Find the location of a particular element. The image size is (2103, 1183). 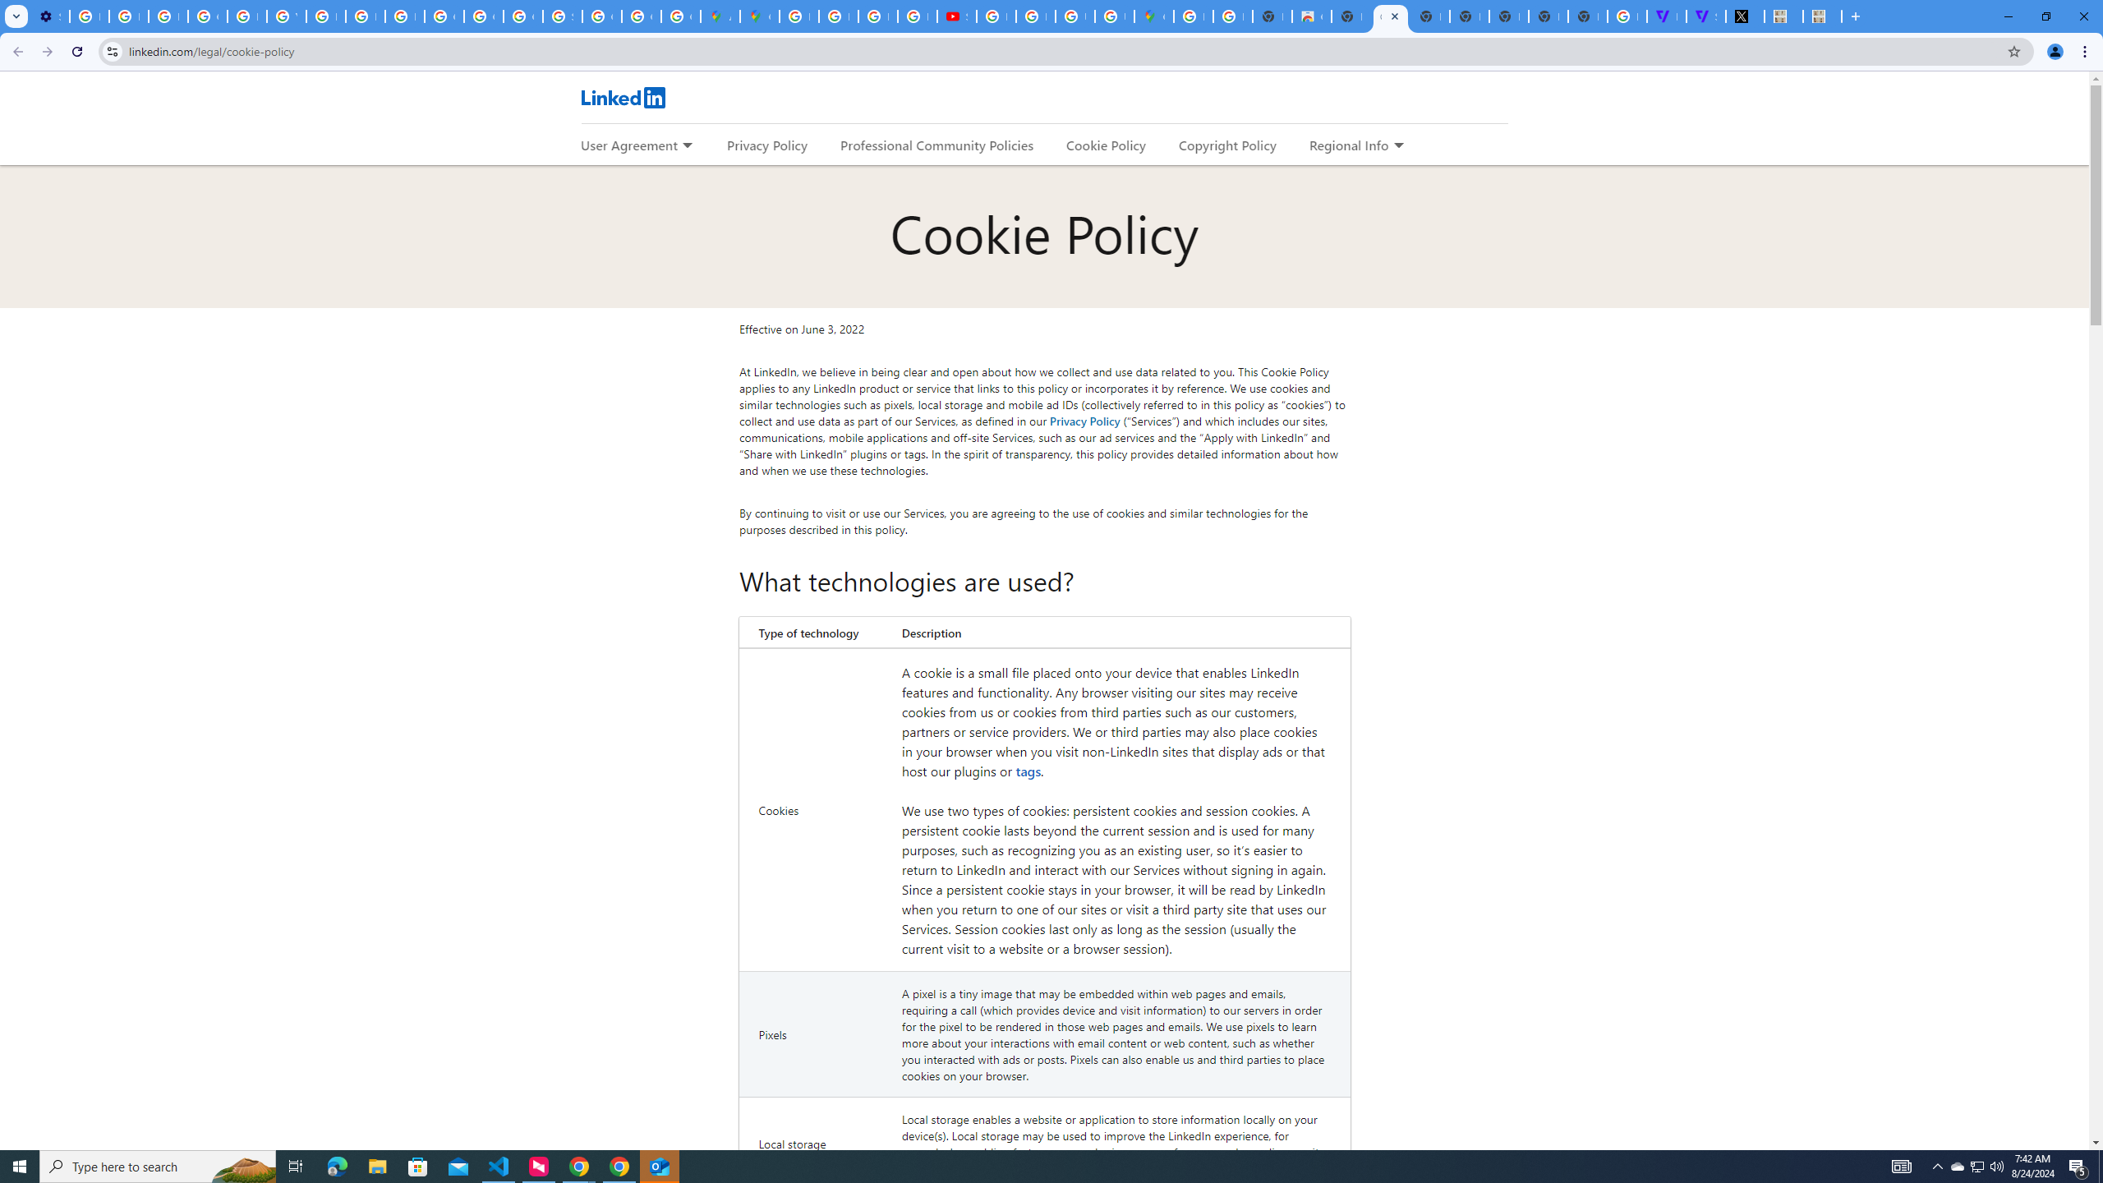

'Chrome Web Store' is located at coordinates (1312, 16).